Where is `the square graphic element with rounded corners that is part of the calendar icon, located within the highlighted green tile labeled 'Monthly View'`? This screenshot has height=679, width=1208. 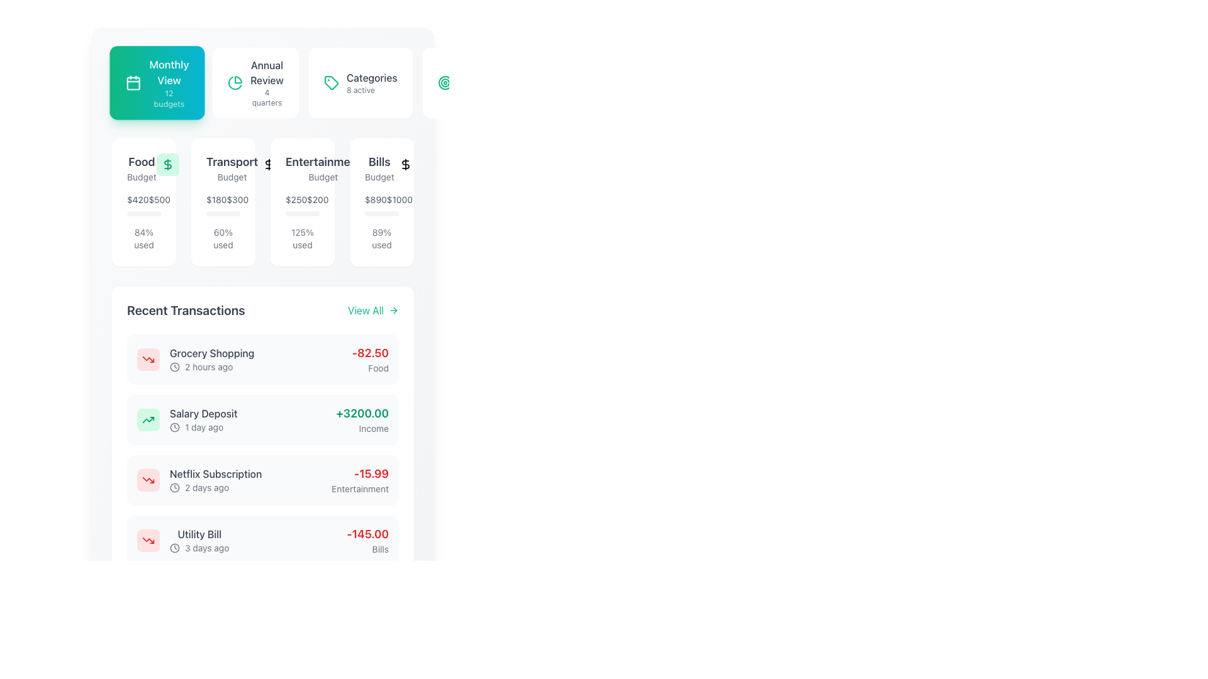
the square graphic element with rounded corners that is part of the calendar icon, located within the highlighted green tile labeled 'Monthly View' is located at coordinates (133, 84).